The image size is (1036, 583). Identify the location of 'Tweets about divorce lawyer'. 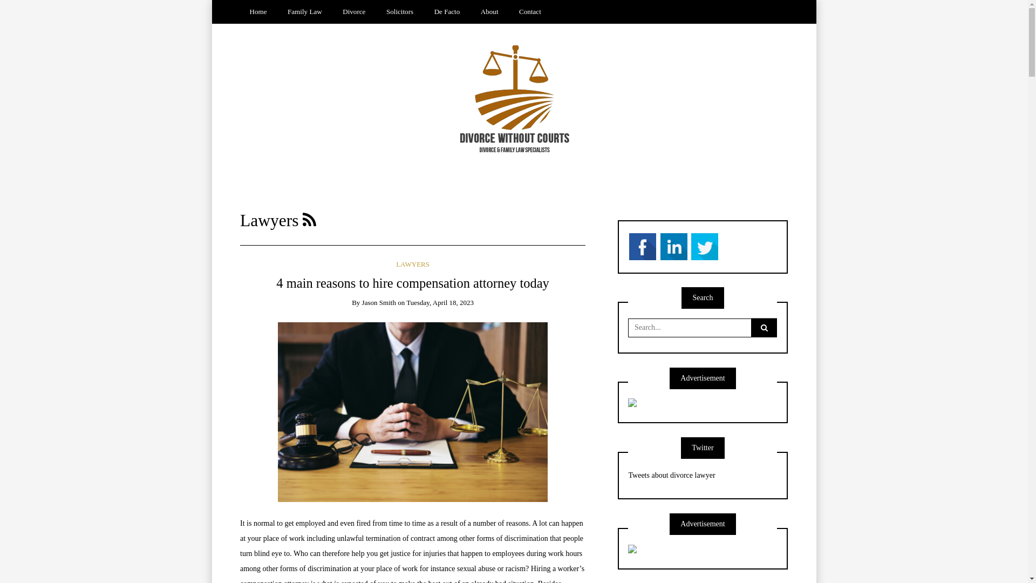
(671, 474).